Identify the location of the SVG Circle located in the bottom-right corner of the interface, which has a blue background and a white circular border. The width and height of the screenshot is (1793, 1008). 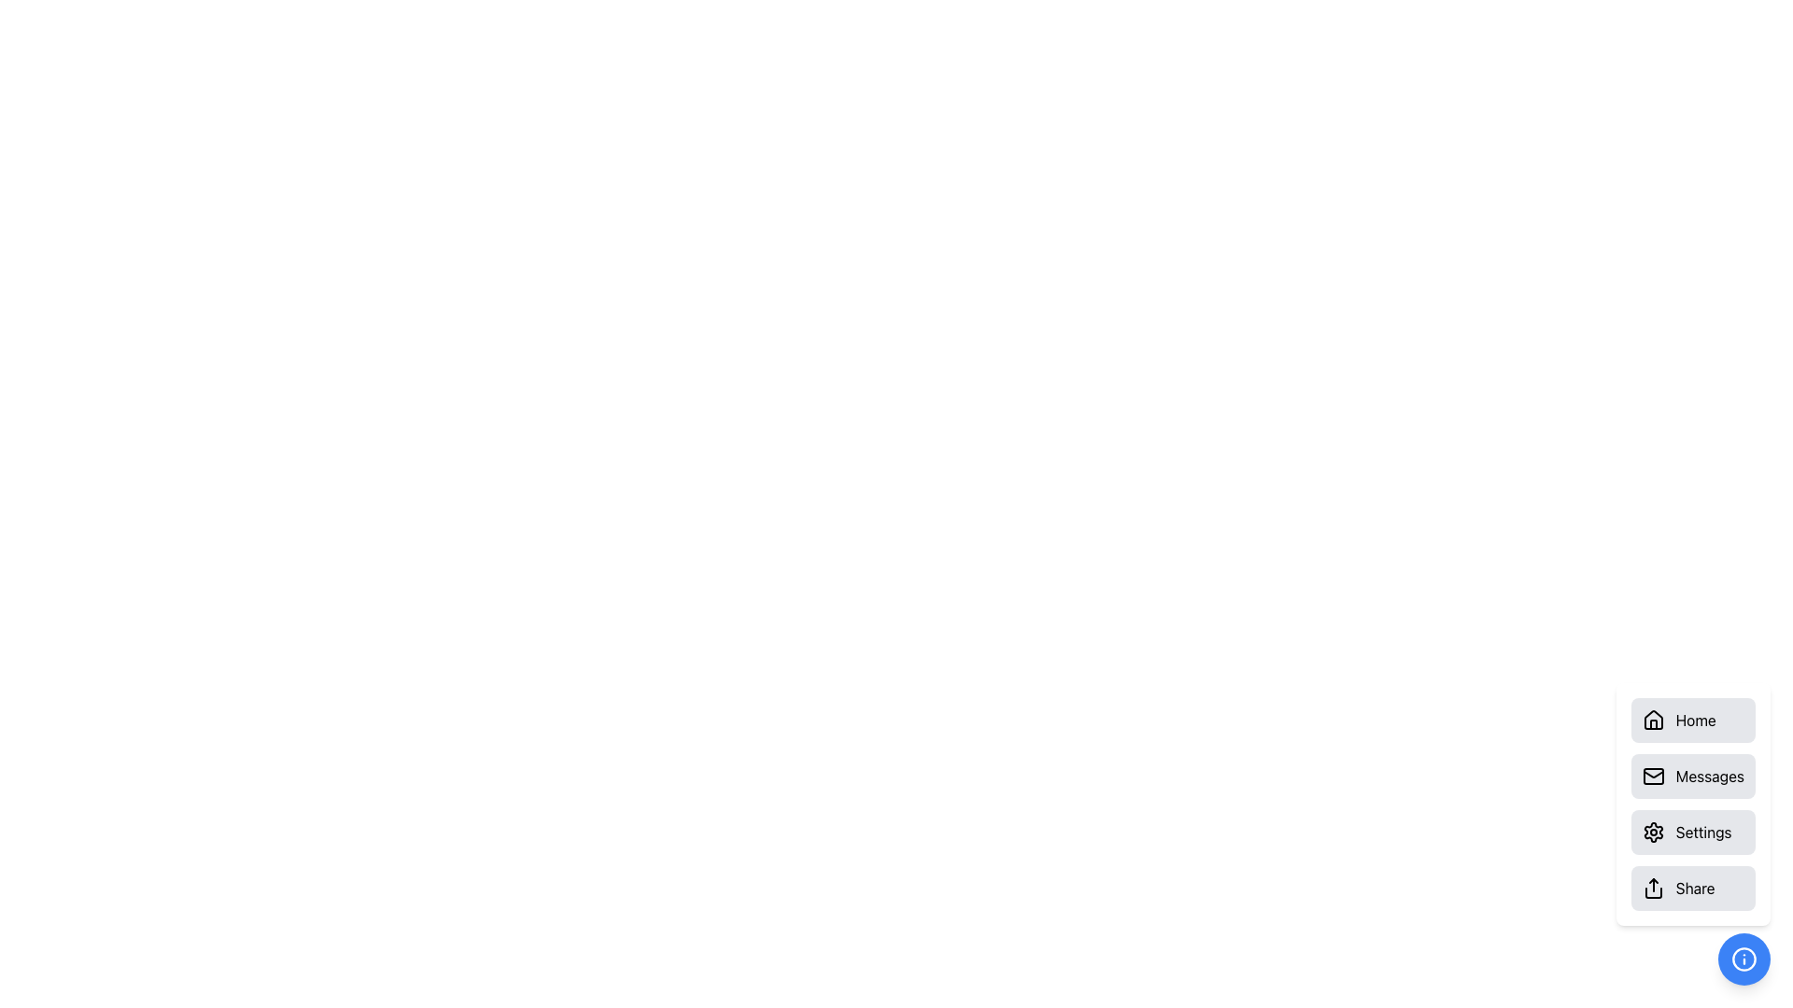
(1743, 958).